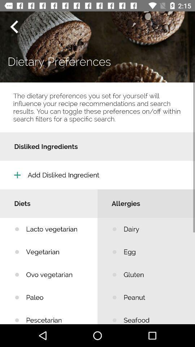 The height and width of the screenshot is (347, 195). I want to click on seafood icon, so click(153, 316).